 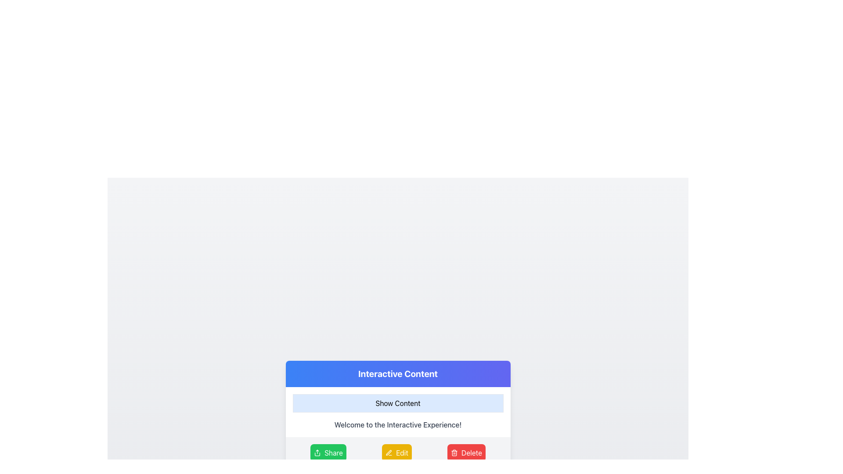 What do you see at coordinates (396, 453) in the screenshot?
I see `the yellow button labeled 'Edit' with a pen icon` at bounding box center [396, 453].